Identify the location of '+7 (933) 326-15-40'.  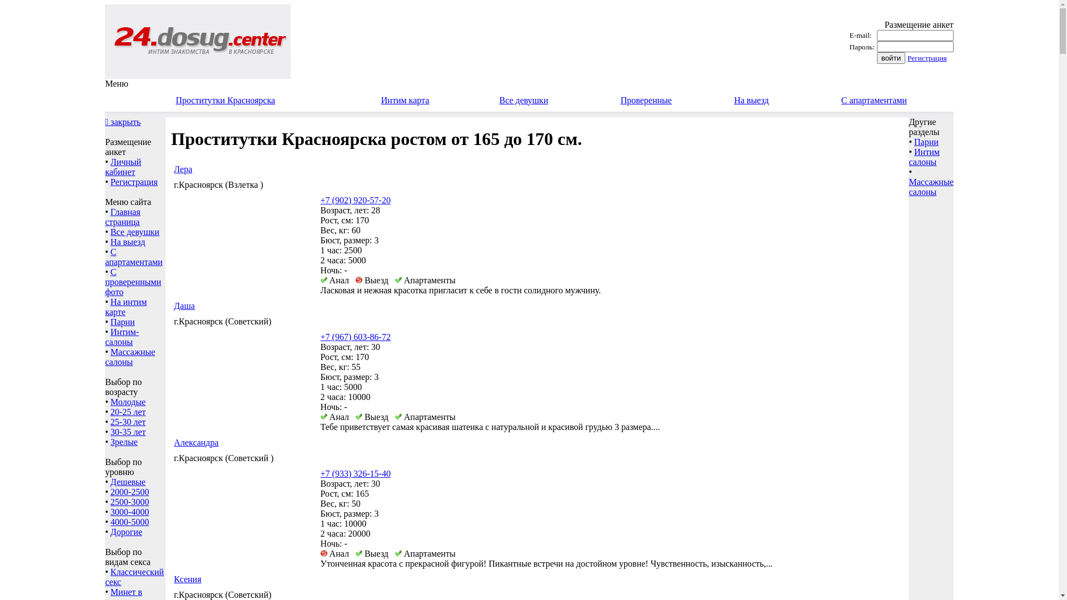
(355, 473).